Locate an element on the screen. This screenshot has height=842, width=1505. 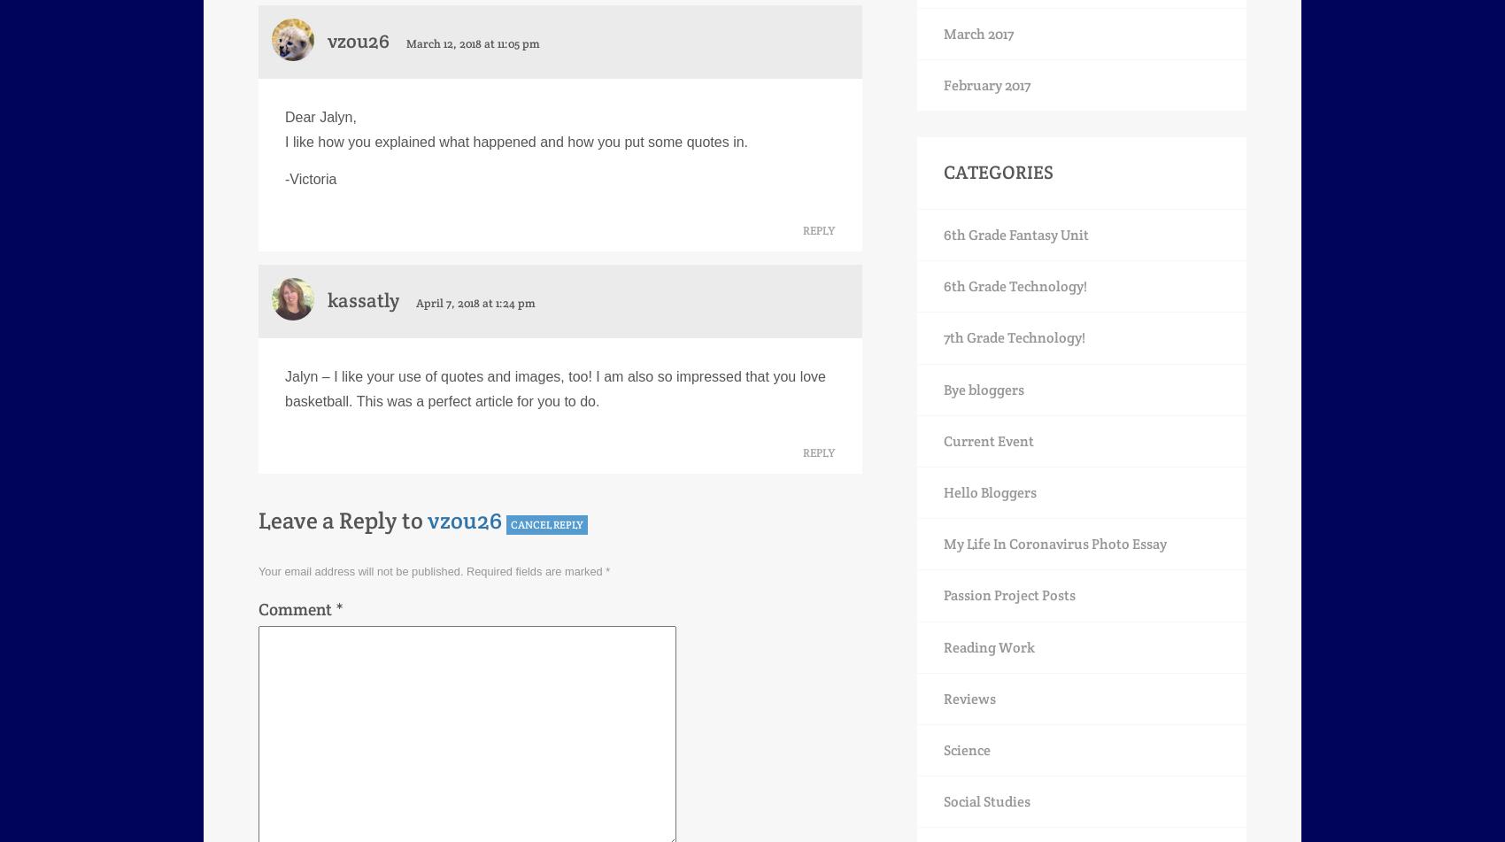
'Cancel reply' is located at coordinates (545, 522).